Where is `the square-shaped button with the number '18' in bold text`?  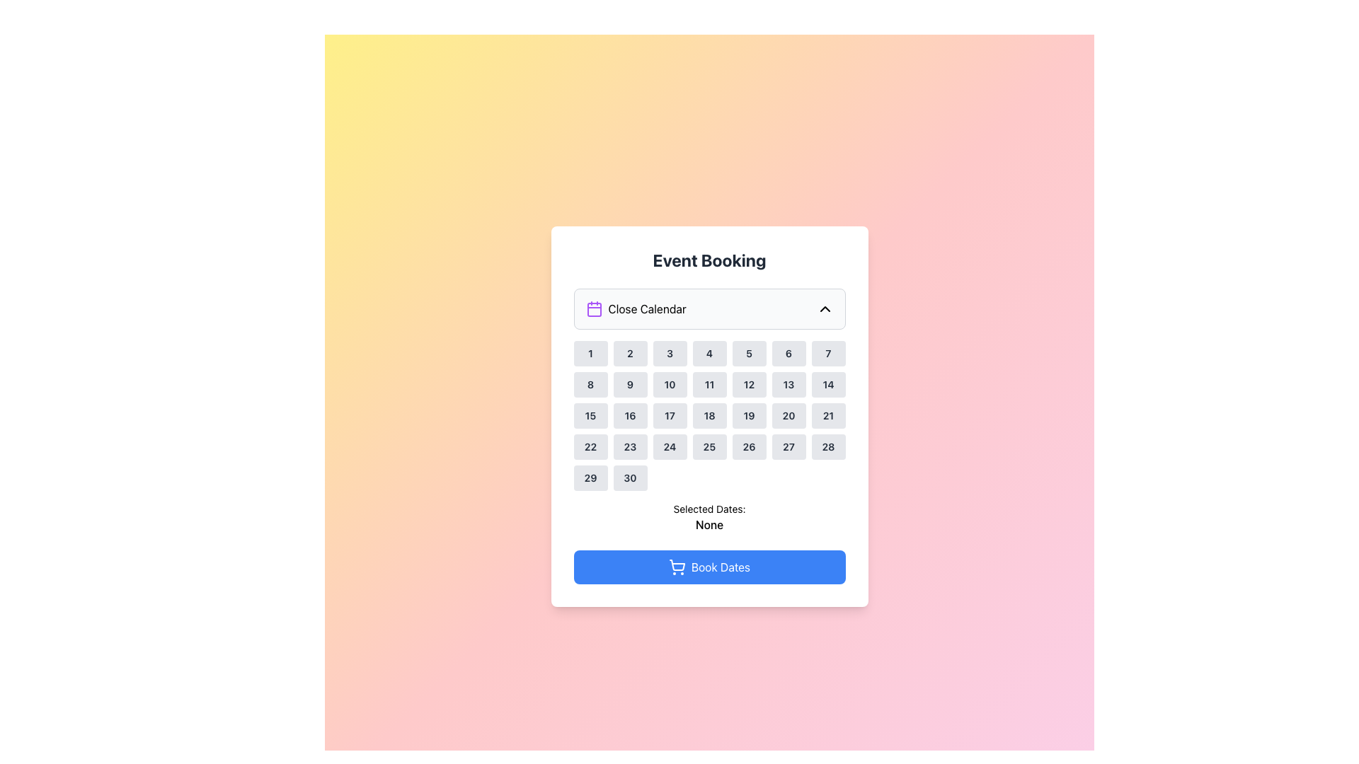 the square-shaped button with the number '18' in bold text is located at coordinates (709, 415).